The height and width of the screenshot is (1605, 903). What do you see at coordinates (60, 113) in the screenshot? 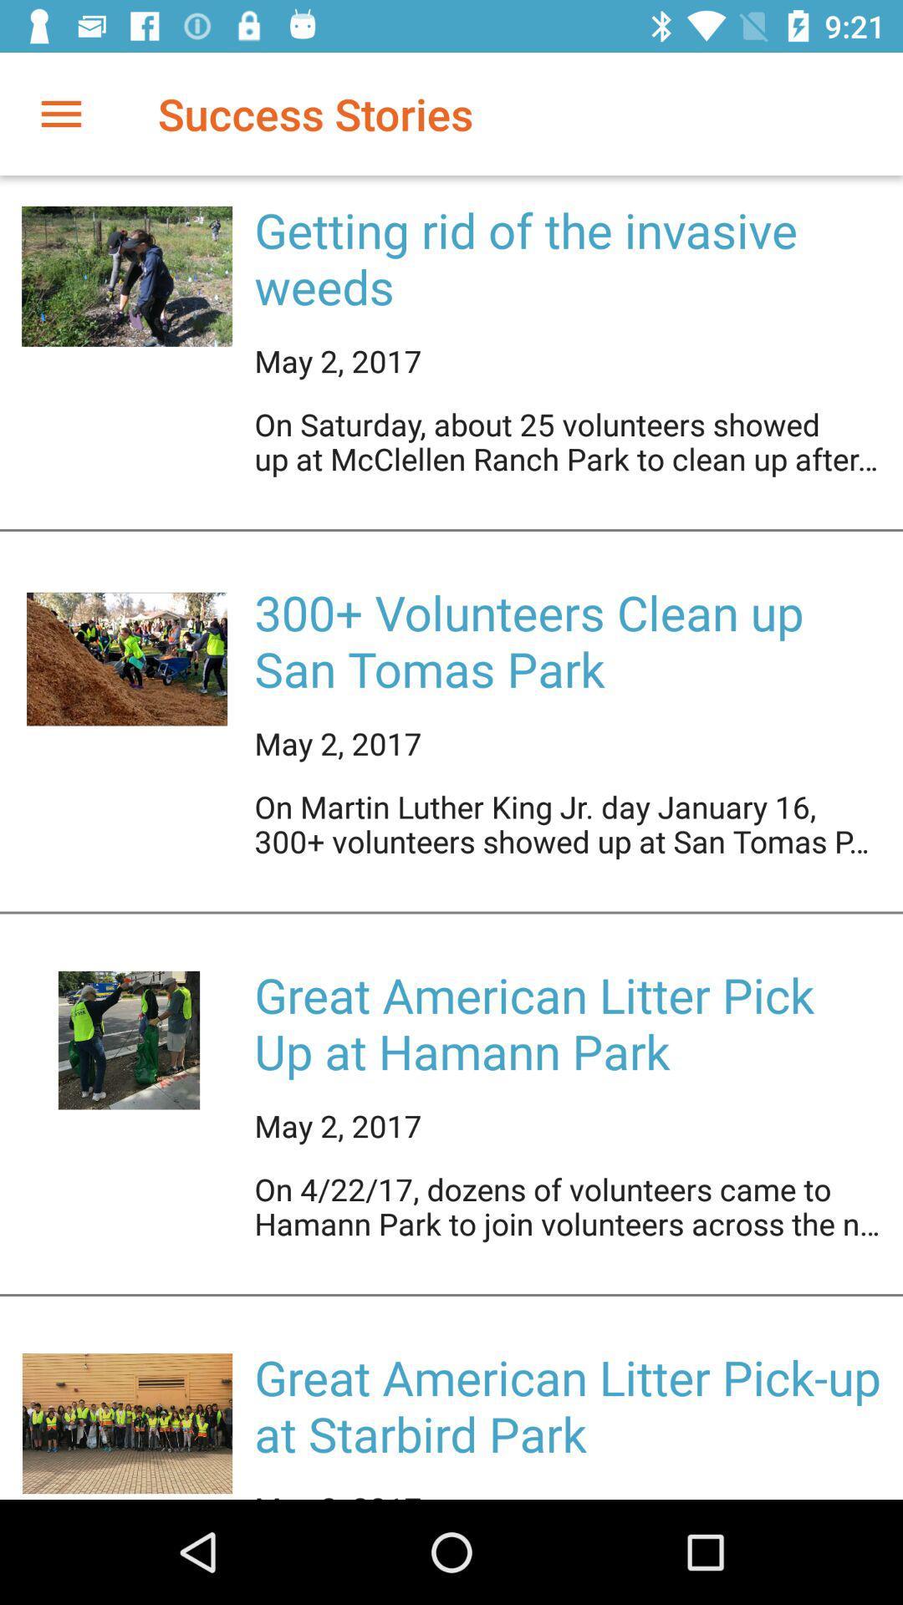
I see `more options` at bounding box center [60, 113].